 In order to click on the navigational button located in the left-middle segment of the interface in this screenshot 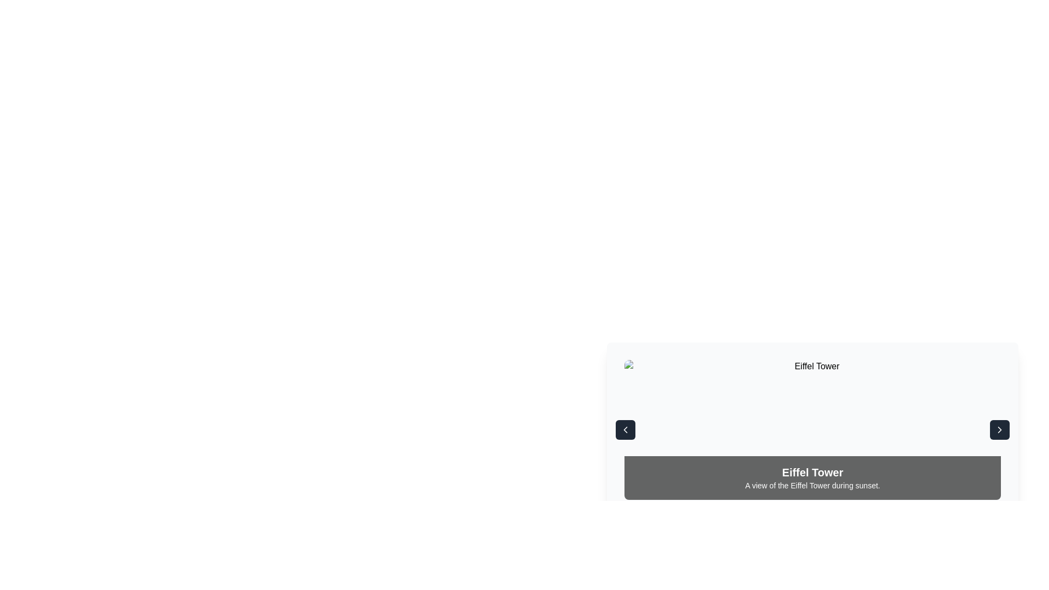, I will do `click(626, 429)`.